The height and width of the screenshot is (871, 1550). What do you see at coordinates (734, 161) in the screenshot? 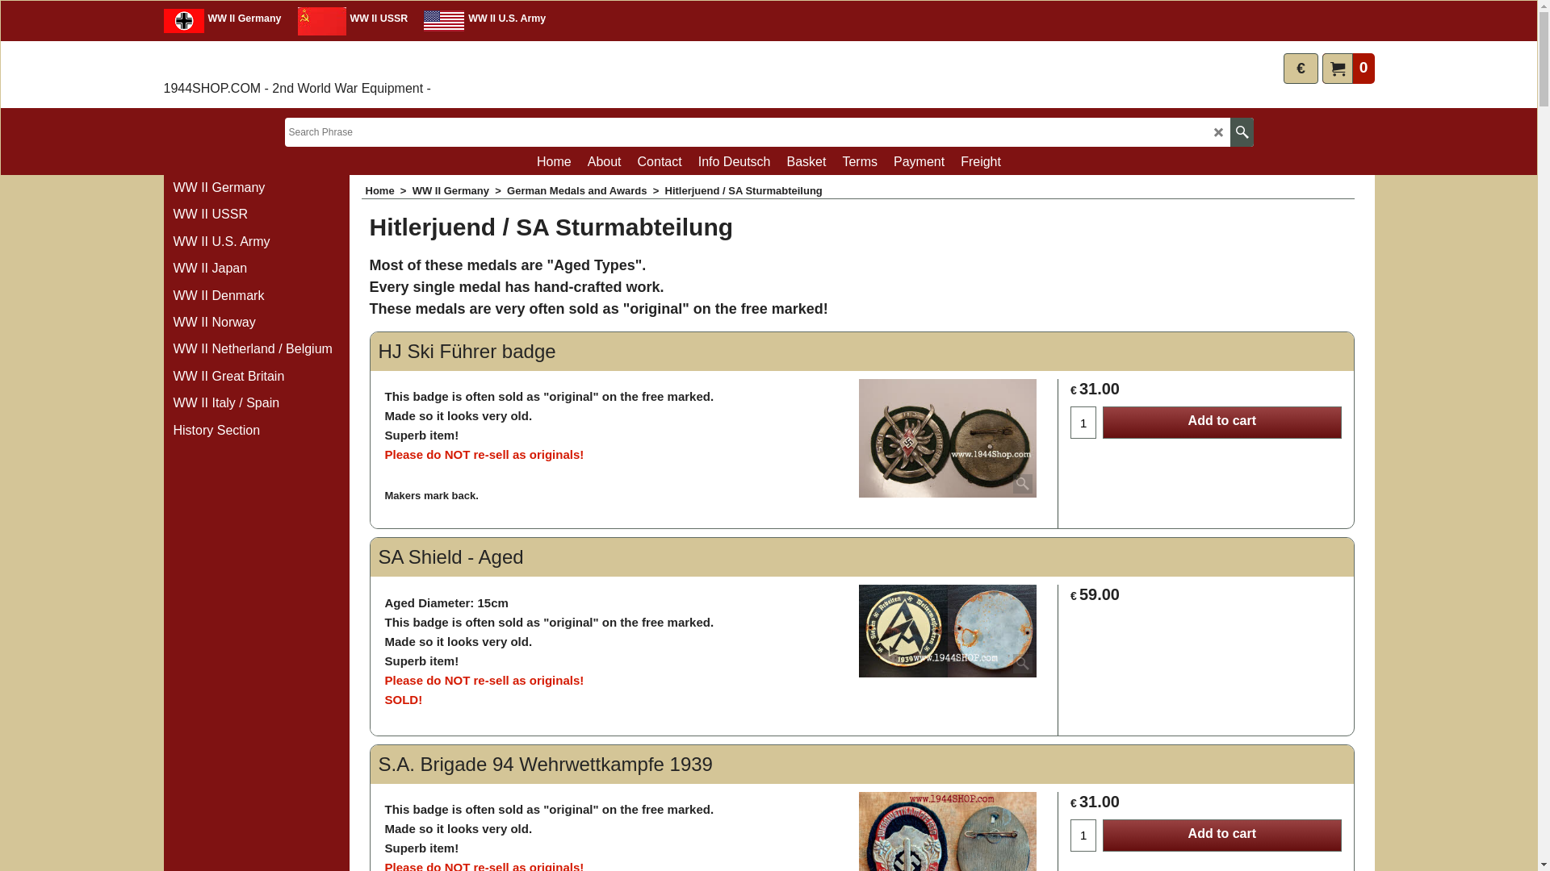
I see `'Info Deutsch'` at bounding box center [734, 161].